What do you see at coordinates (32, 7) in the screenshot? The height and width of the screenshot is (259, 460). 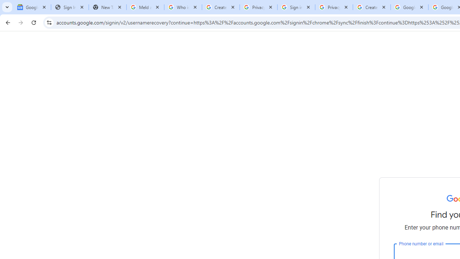 I see `'Google News'` at bounding box center [32, 7].